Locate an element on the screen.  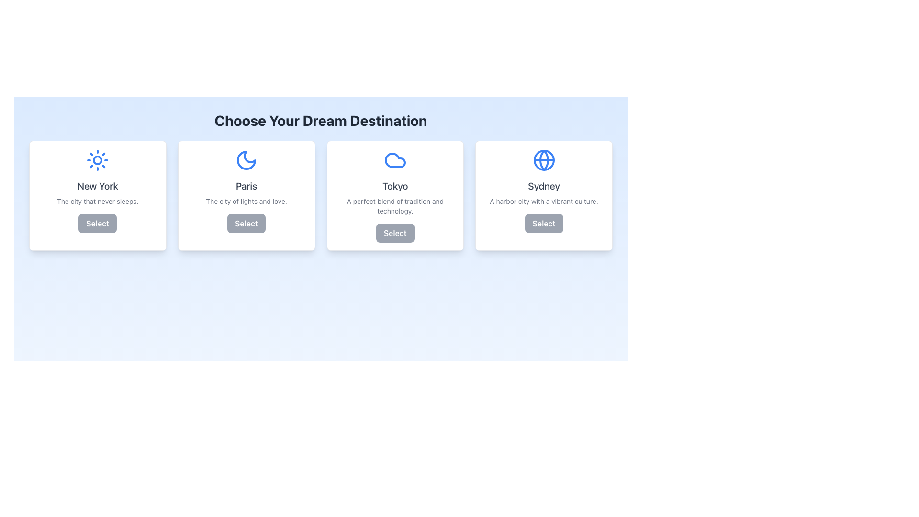
the 'Select' button located at the bottom center of the 'Tokyo' card to visualize the hover effect is located at coordinates (395, 233).